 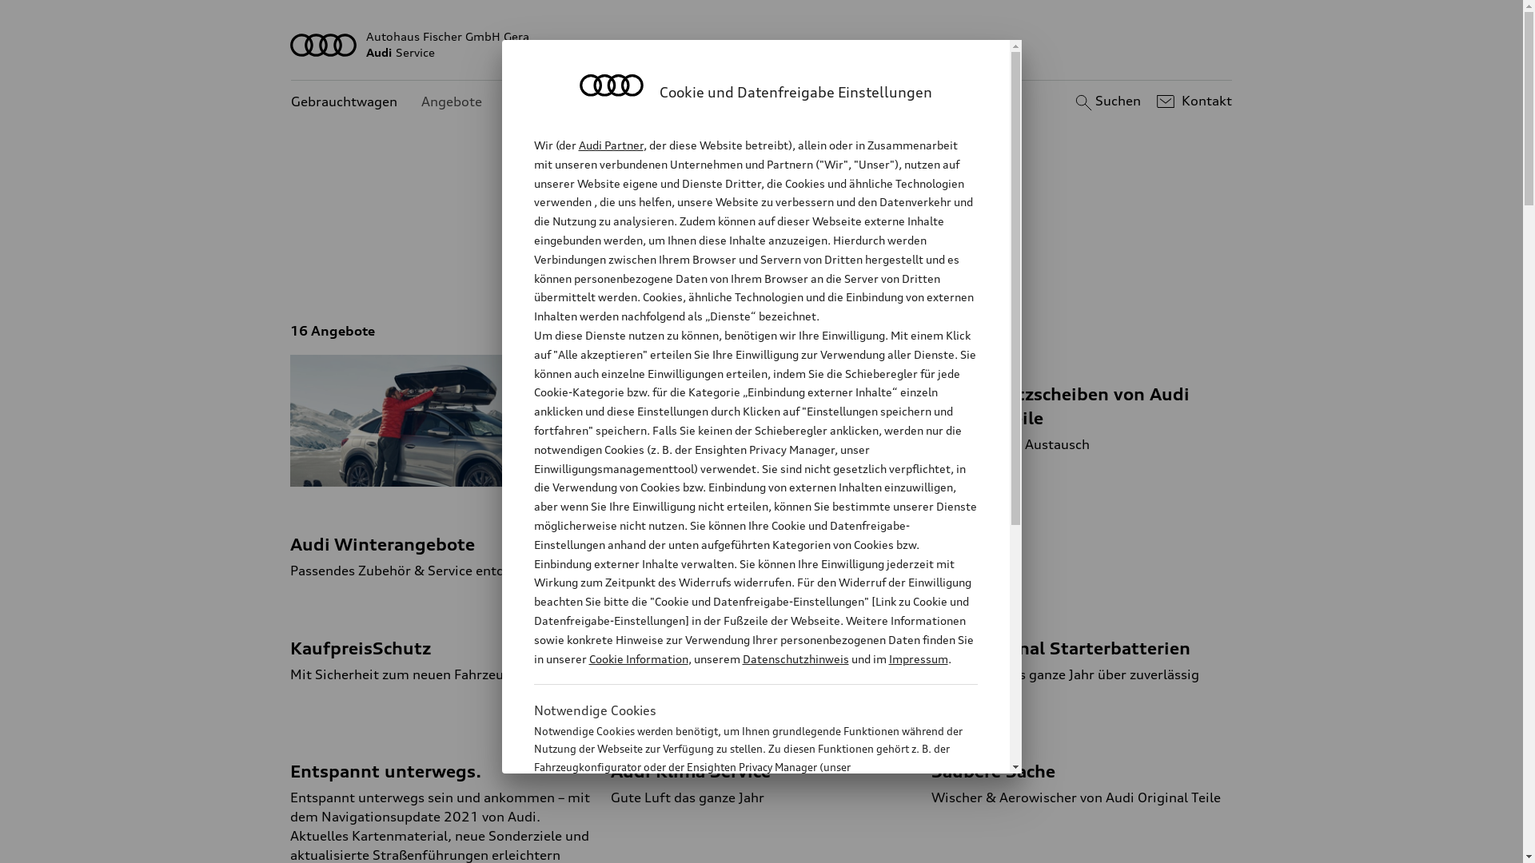 I want to click on 'Autohaus Fischer GmbH Gera, so click(x=761, y=44).